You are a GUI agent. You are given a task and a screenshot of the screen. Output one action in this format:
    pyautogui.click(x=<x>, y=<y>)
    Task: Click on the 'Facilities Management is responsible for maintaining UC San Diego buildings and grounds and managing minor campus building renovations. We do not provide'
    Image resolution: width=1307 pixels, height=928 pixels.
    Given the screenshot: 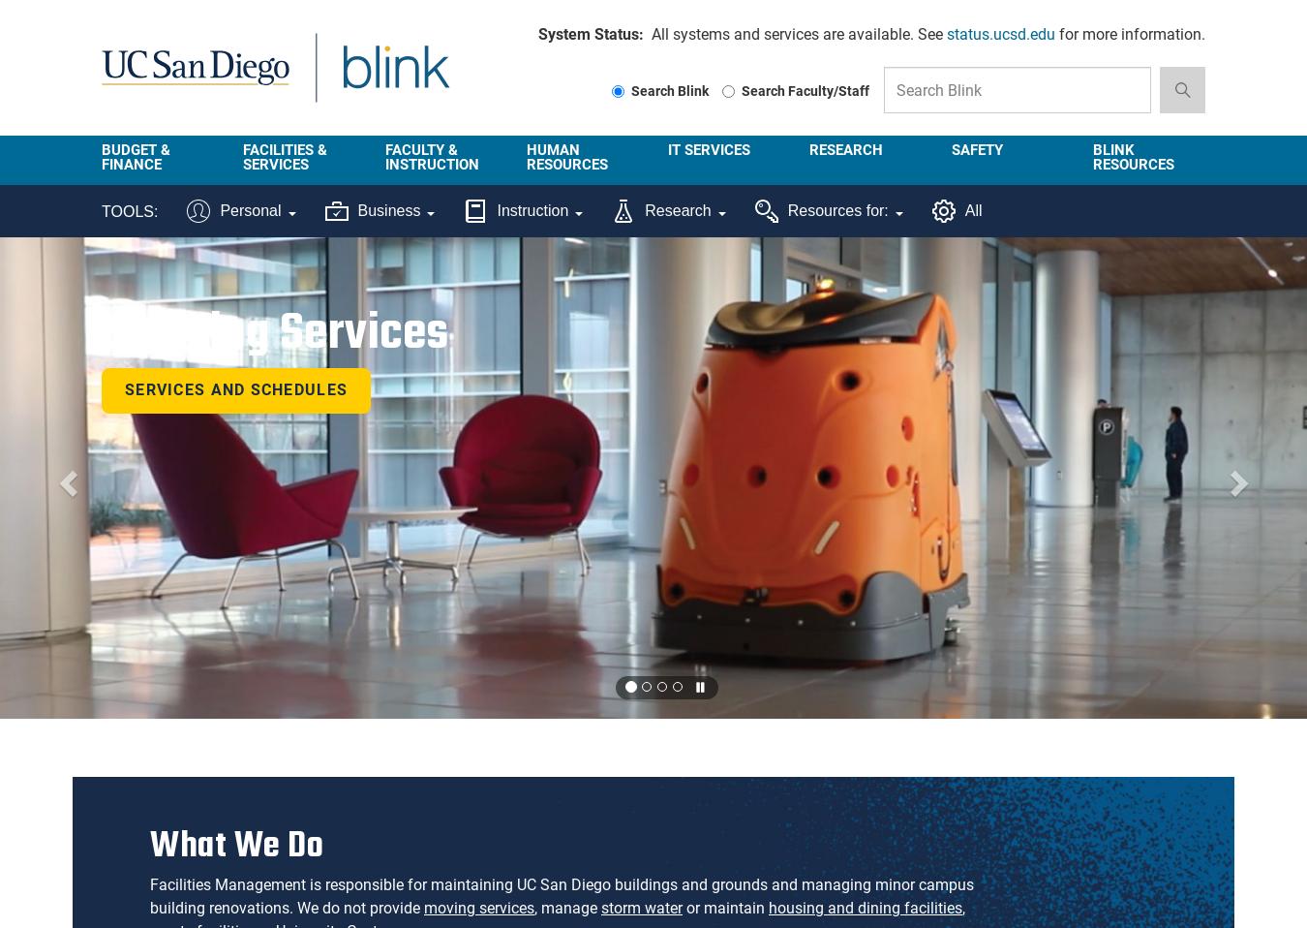 What is the action you would take?
    pyautogui.click(x=149, y=896)
    